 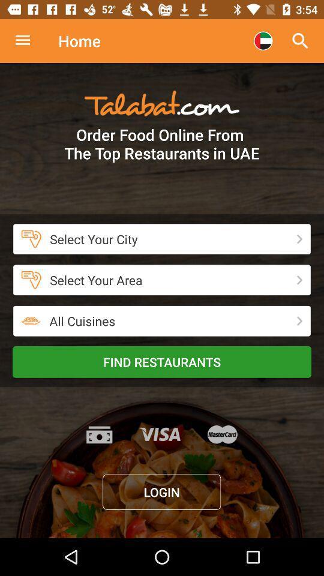 I want to click on choose country, so click(x=262, y=41).